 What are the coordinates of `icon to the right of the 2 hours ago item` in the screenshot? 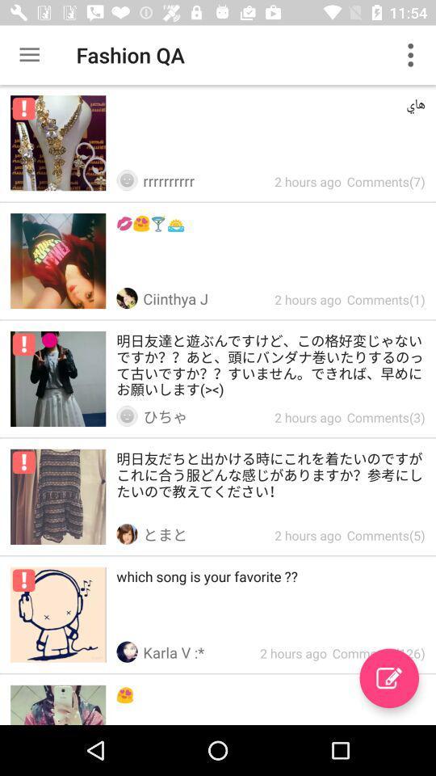 It's located at (388, 678).